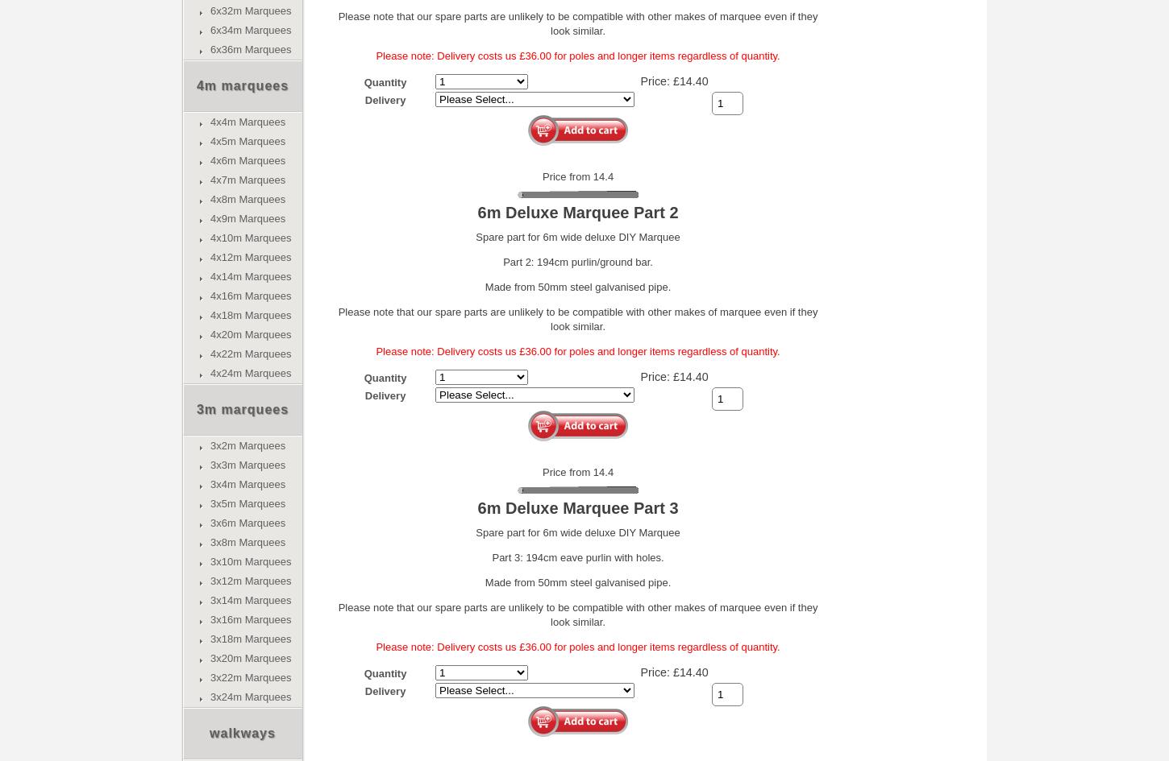 The image size is (1169, 761). What do you see at coordinates (251, 238) in the screenshot?
I see `'4x10m Marquees'` at bounding box center [251, 238].